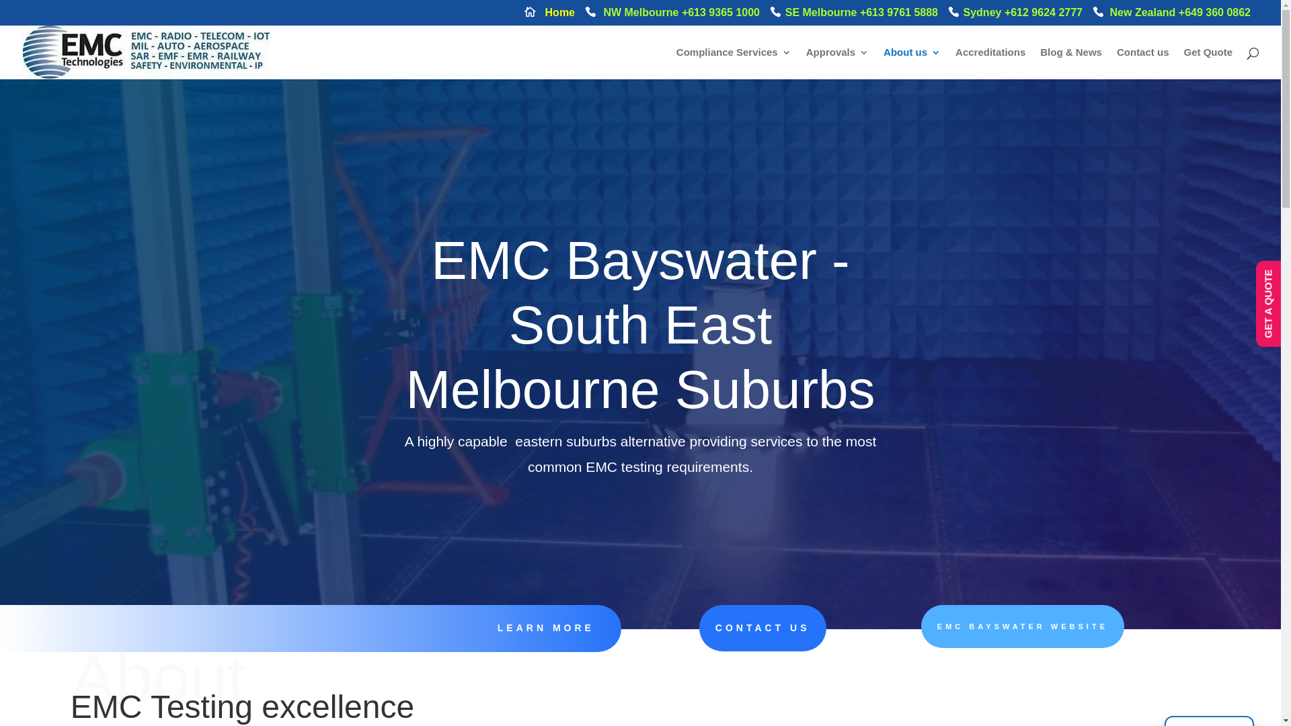 The width and height of the screenshot is (1291, 726). I want to click on 'Home', so click(523, 16).